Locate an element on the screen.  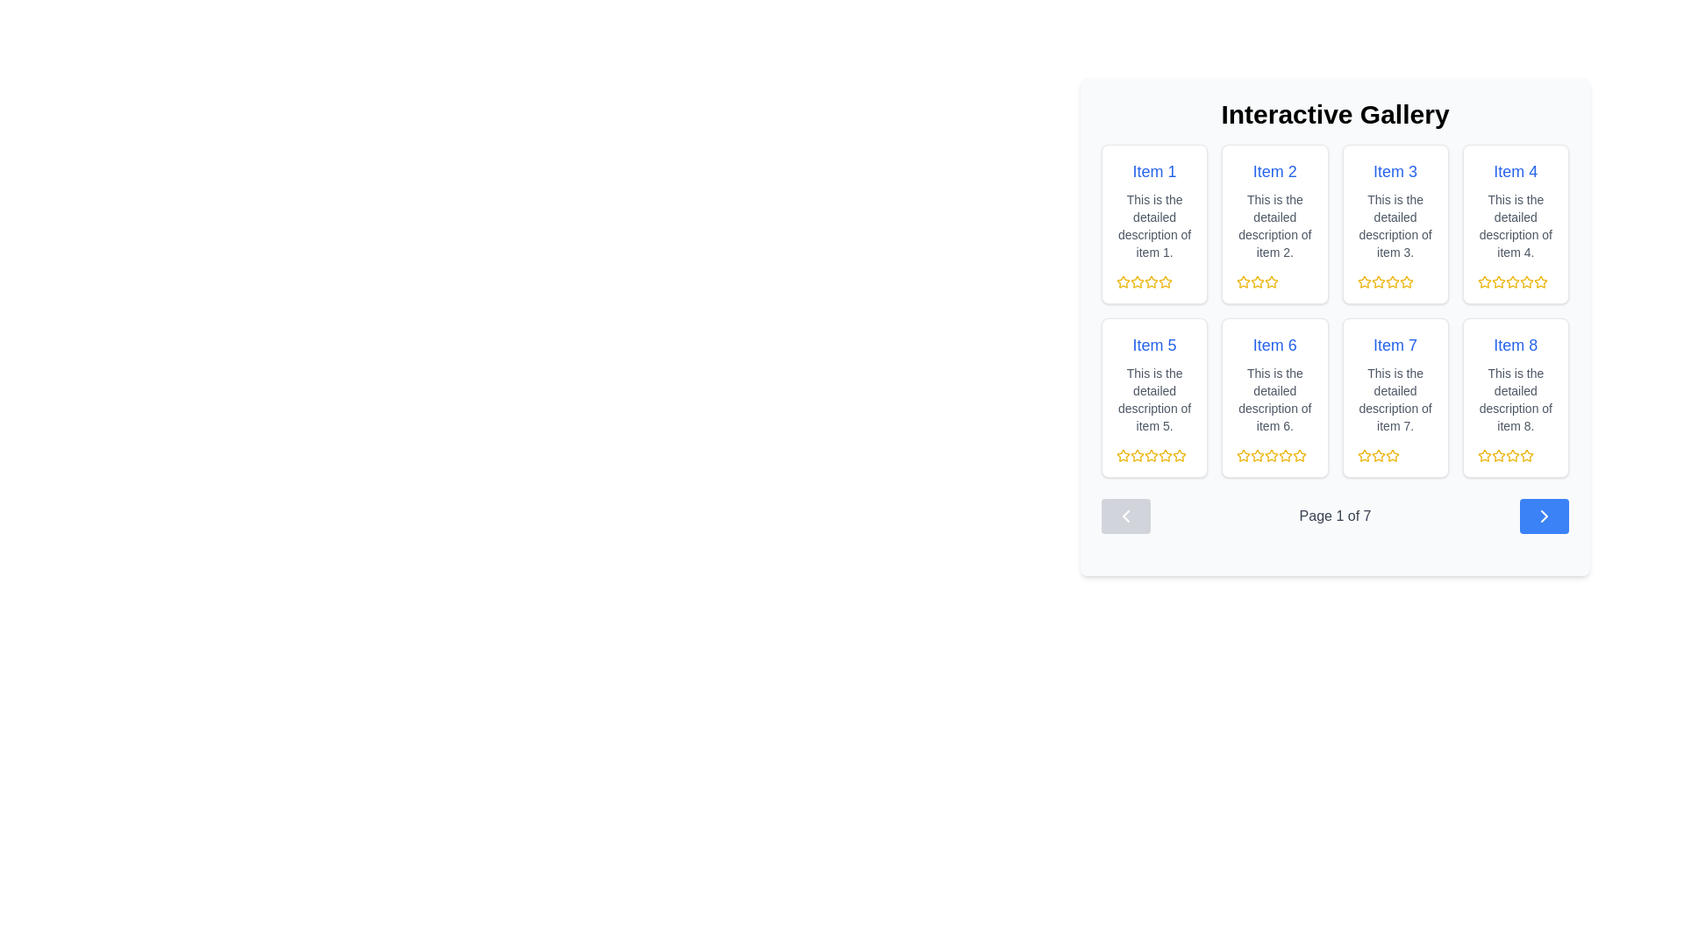
the fifth star SVG icon used for rating 'Item 8' in the Interactive Gallery section is located at coordinates (1511, 454).